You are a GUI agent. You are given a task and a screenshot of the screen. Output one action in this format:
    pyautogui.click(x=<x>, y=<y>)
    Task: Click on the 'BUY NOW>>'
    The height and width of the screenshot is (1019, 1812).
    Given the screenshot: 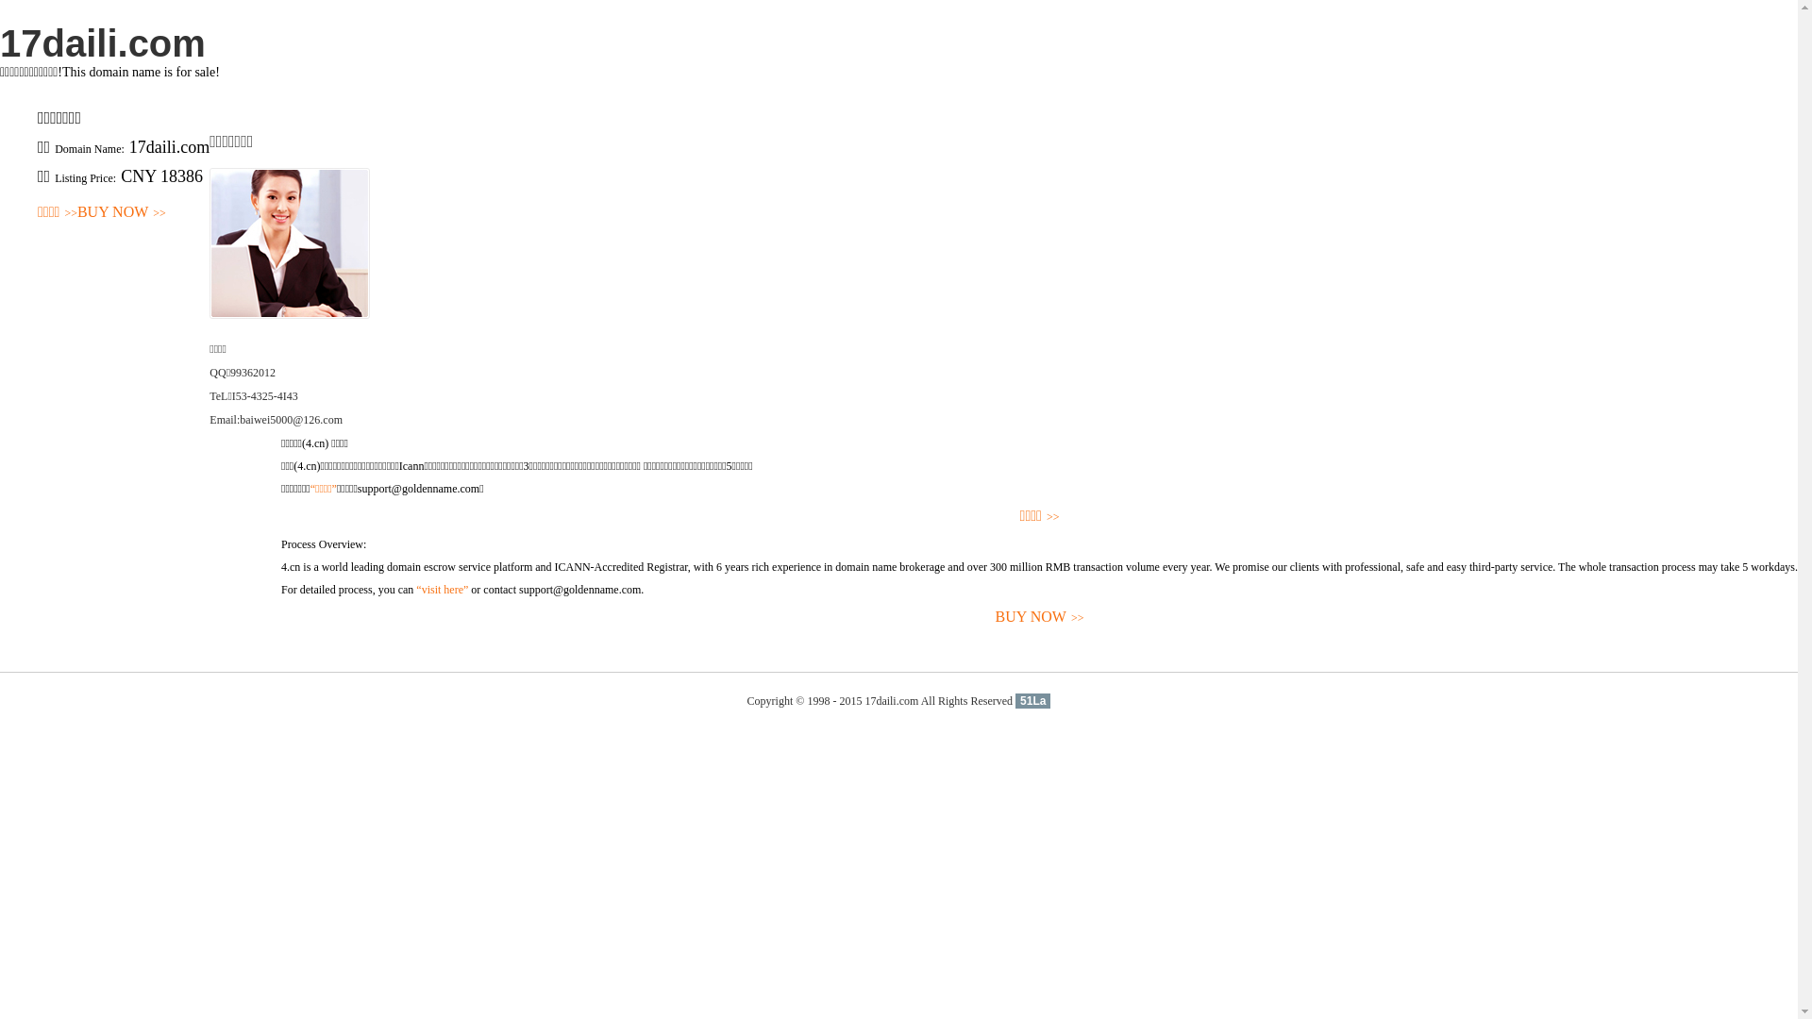 What is the action you would take?
    pyautogui.click(x=121, y=212)
    